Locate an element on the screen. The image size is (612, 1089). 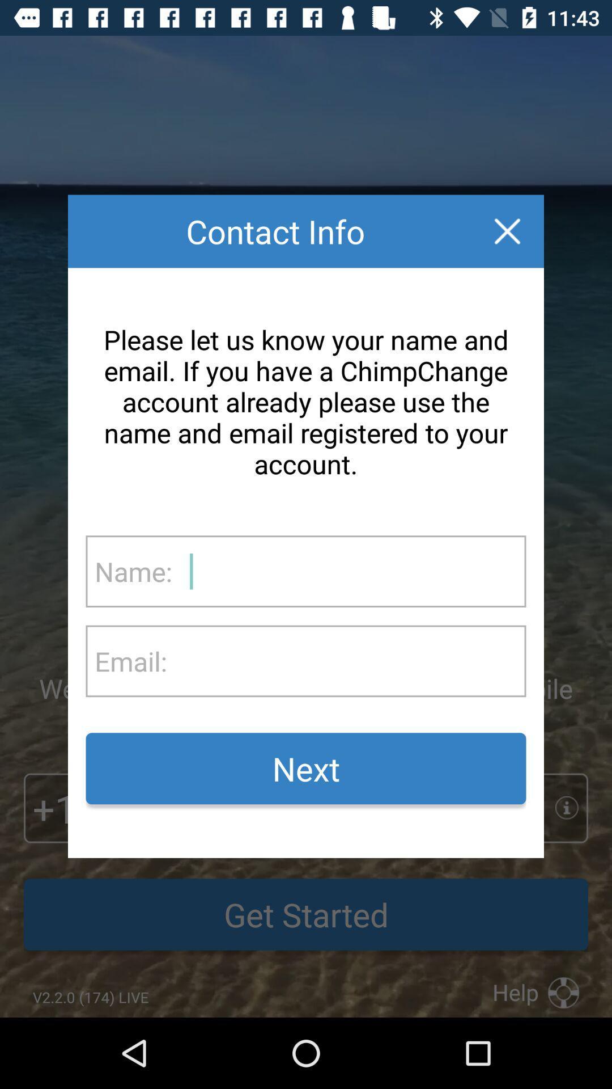
the app to the right of the contact info is located at coordinates (507, 231).